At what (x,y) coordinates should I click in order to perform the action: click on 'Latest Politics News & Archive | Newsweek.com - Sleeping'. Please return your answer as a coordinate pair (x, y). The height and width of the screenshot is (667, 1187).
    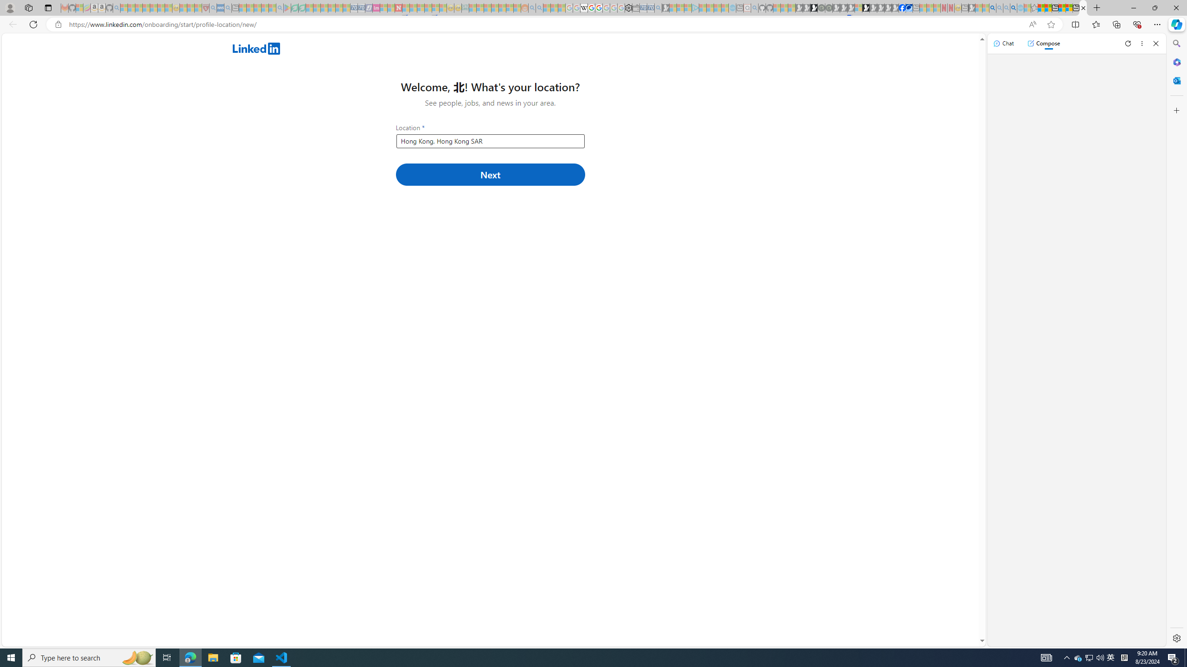
    Looking at the image, I should click on (397, 7).